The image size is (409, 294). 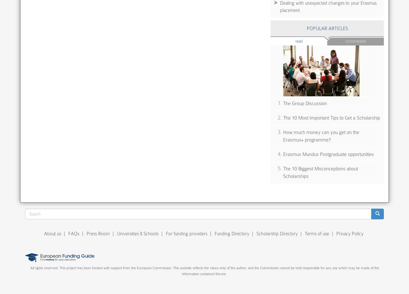 I want to click on 'Universities & Schools', so click(x=117, y=233).